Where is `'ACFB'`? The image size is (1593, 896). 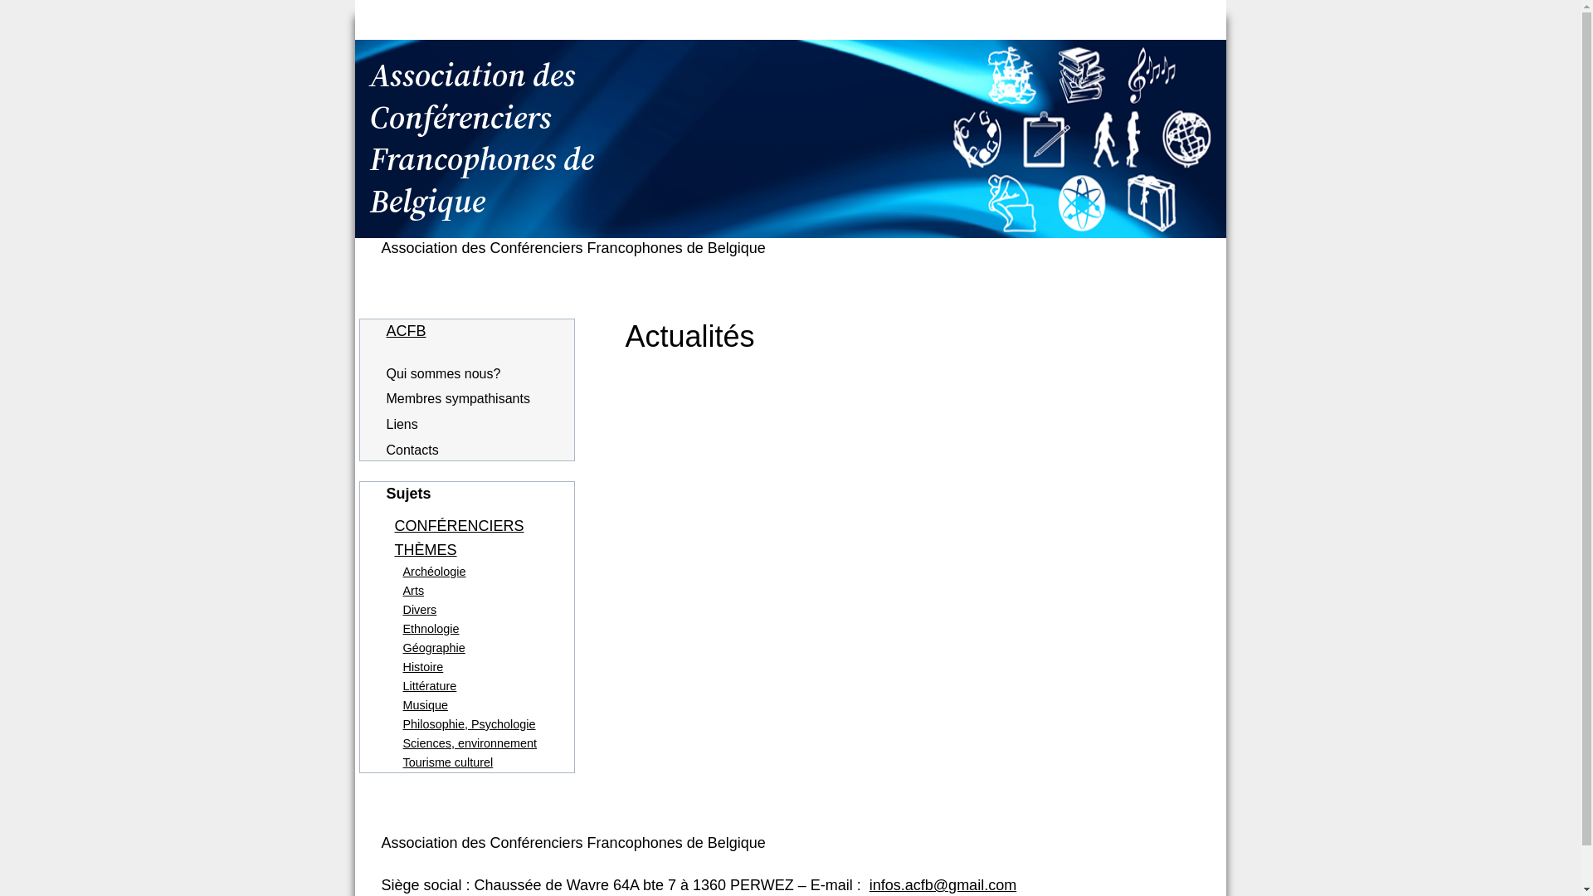 'ACFB' is located at coordinates (406, 330).